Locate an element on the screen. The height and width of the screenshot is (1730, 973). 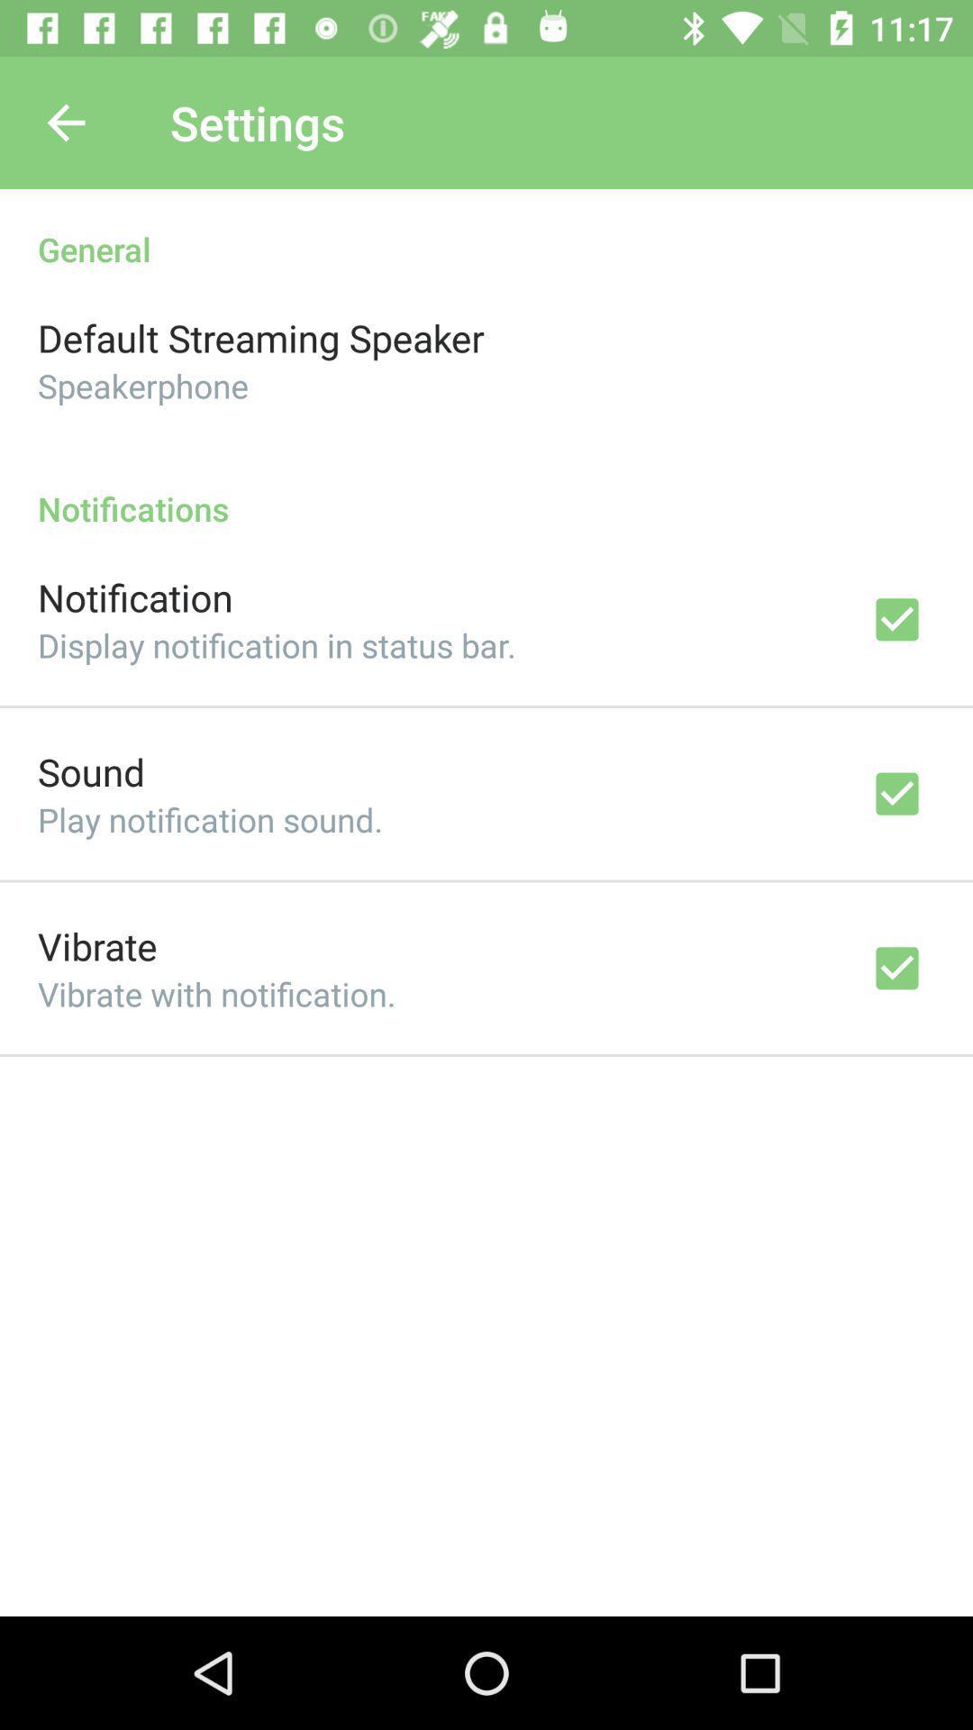
the icon above speakerphone is located at coordinates (260, 337).